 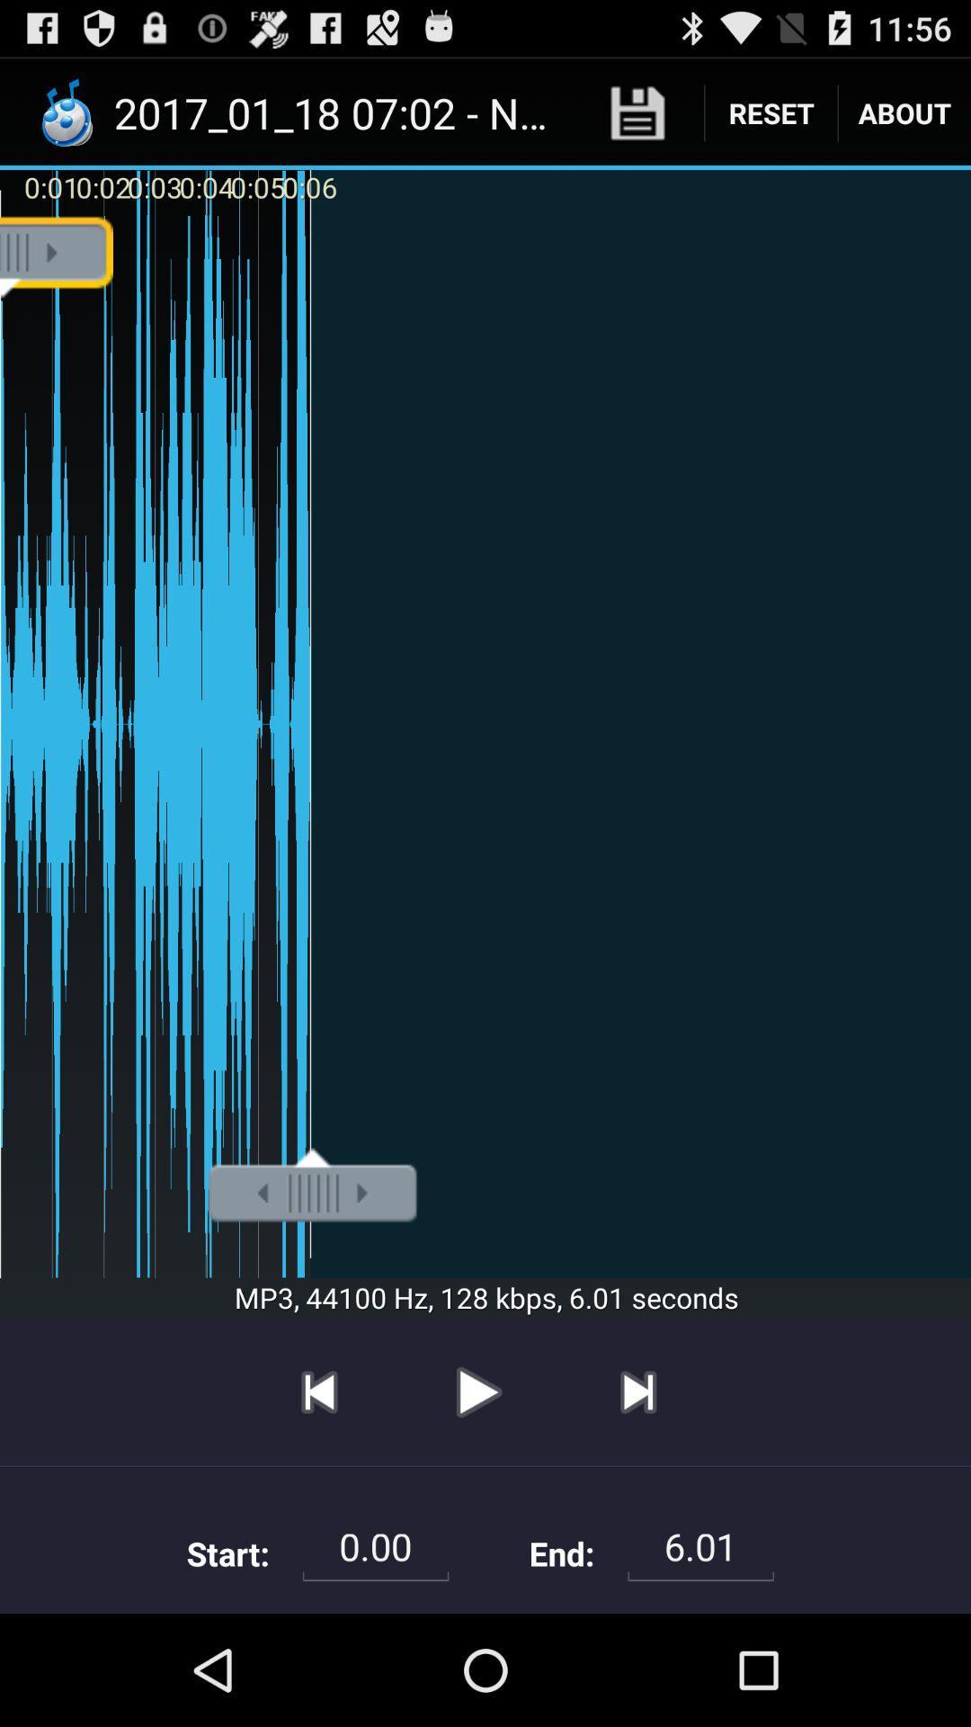 What do you see at coordinates (477, 1490) in the screenshot?
I see `the play icon` at bounding box center [477, 1490].